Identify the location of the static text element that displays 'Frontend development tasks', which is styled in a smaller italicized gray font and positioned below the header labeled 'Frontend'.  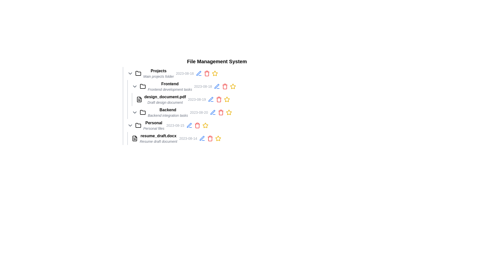
(170, 89).